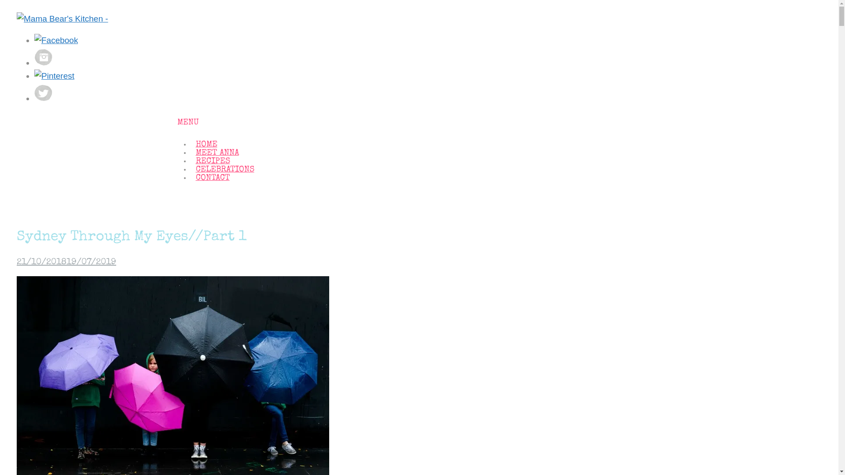 Image resolution: width=845 pixels, height=475 pixels. I want to click on '21/10/201819/07/2019', so click(17, 262).